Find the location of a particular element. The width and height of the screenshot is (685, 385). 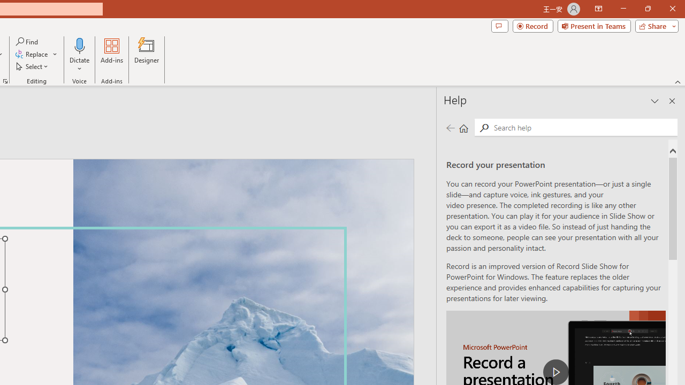

'Task Pane Options' is located at coordinates (654, 101).